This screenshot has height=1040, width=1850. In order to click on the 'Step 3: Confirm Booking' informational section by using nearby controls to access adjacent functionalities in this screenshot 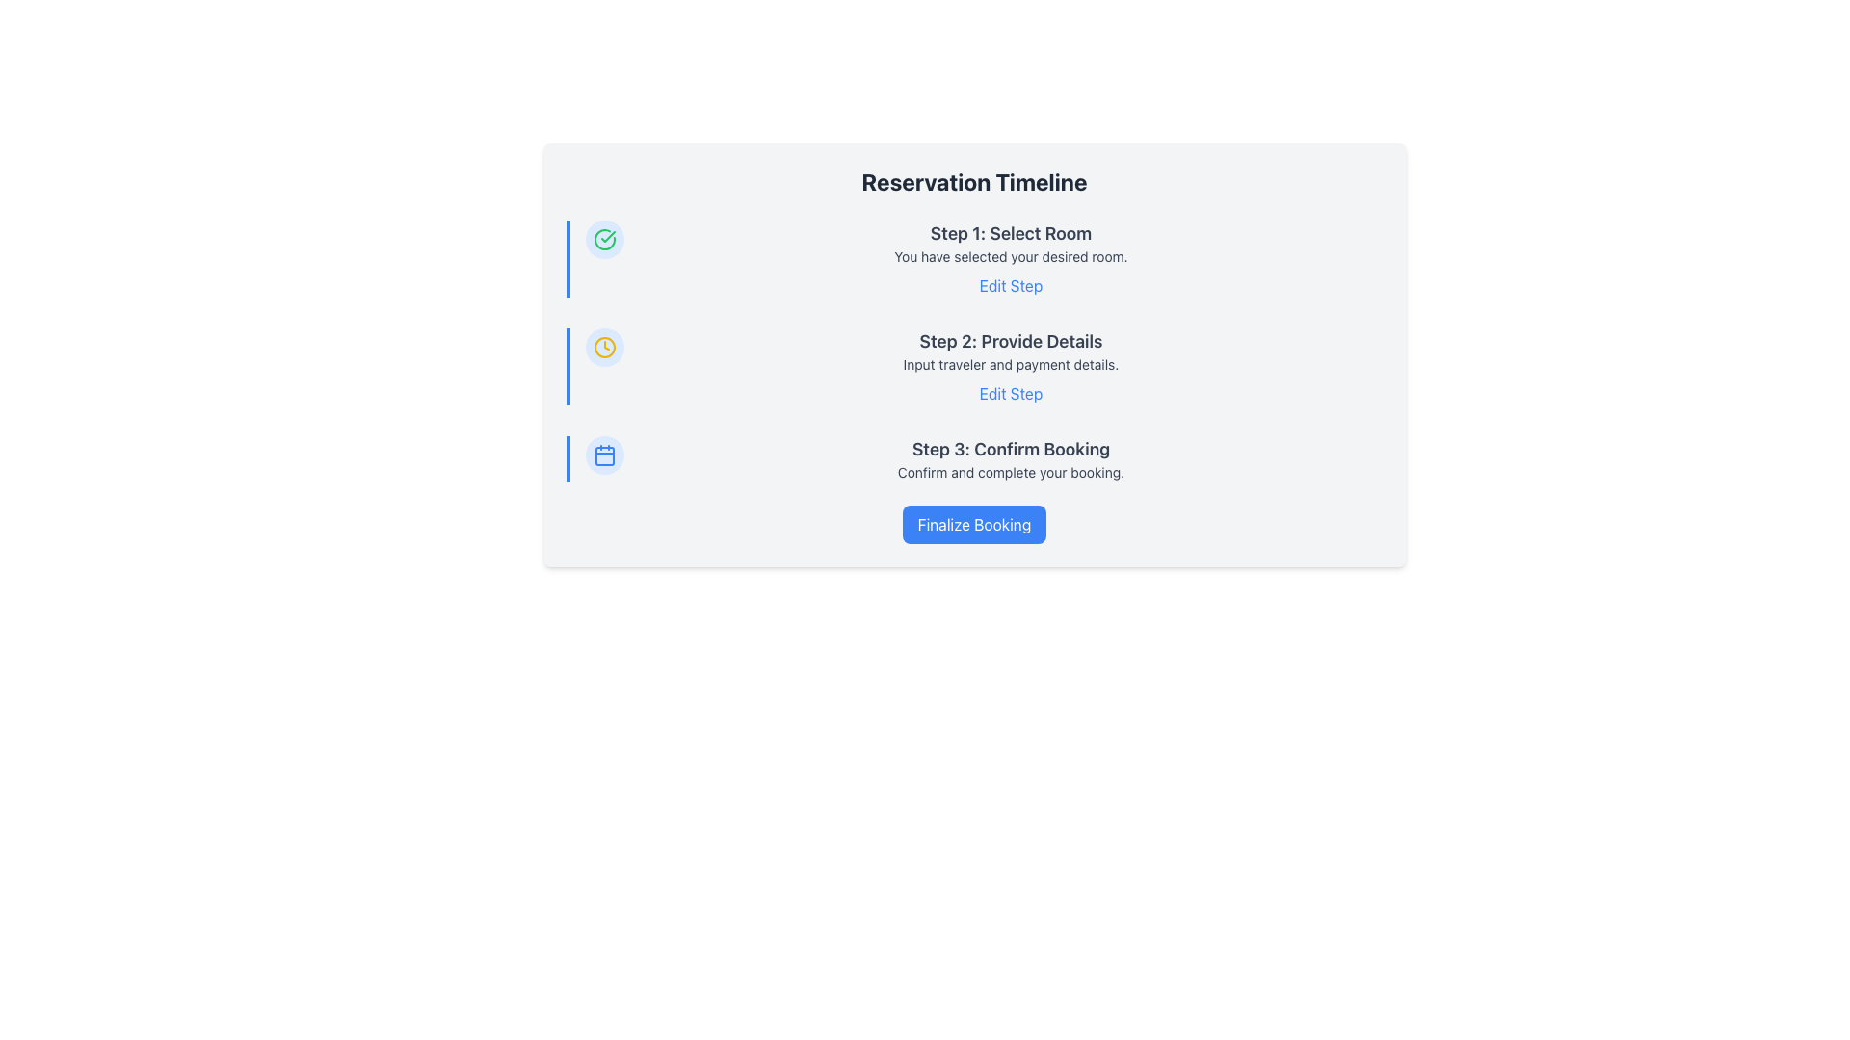, I will do `click(974, 459)`.